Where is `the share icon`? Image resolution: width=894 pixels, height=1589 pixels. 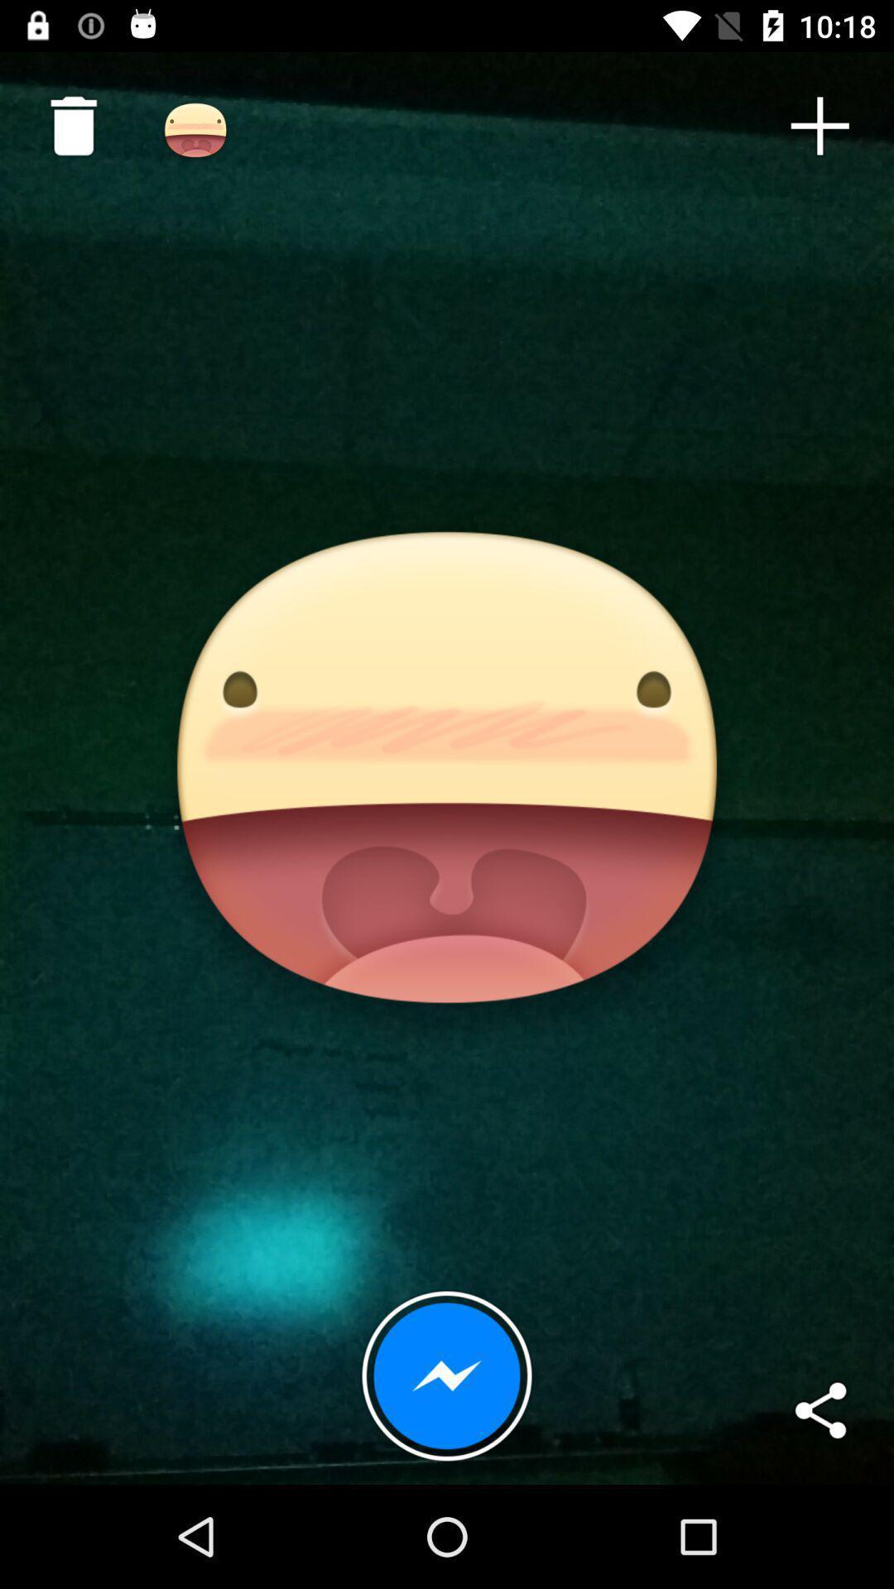
the share icon is located at coordinates (819, 1409).